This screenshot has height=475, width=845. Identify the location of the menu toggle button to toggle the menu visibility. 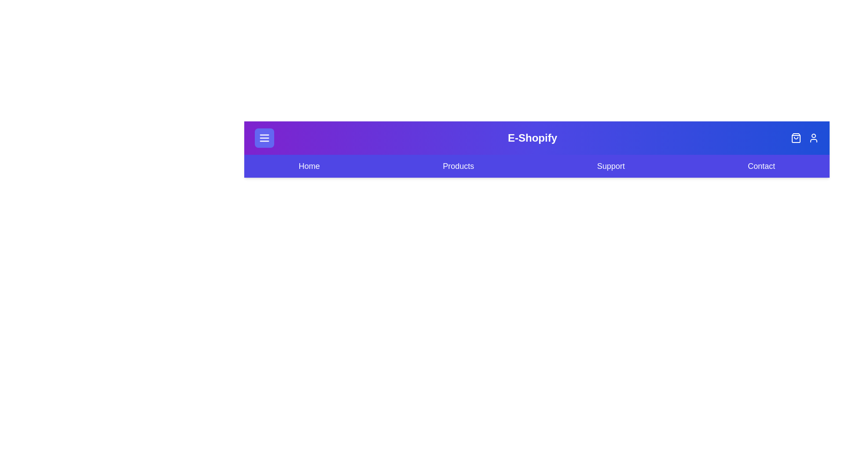
(264, 138).